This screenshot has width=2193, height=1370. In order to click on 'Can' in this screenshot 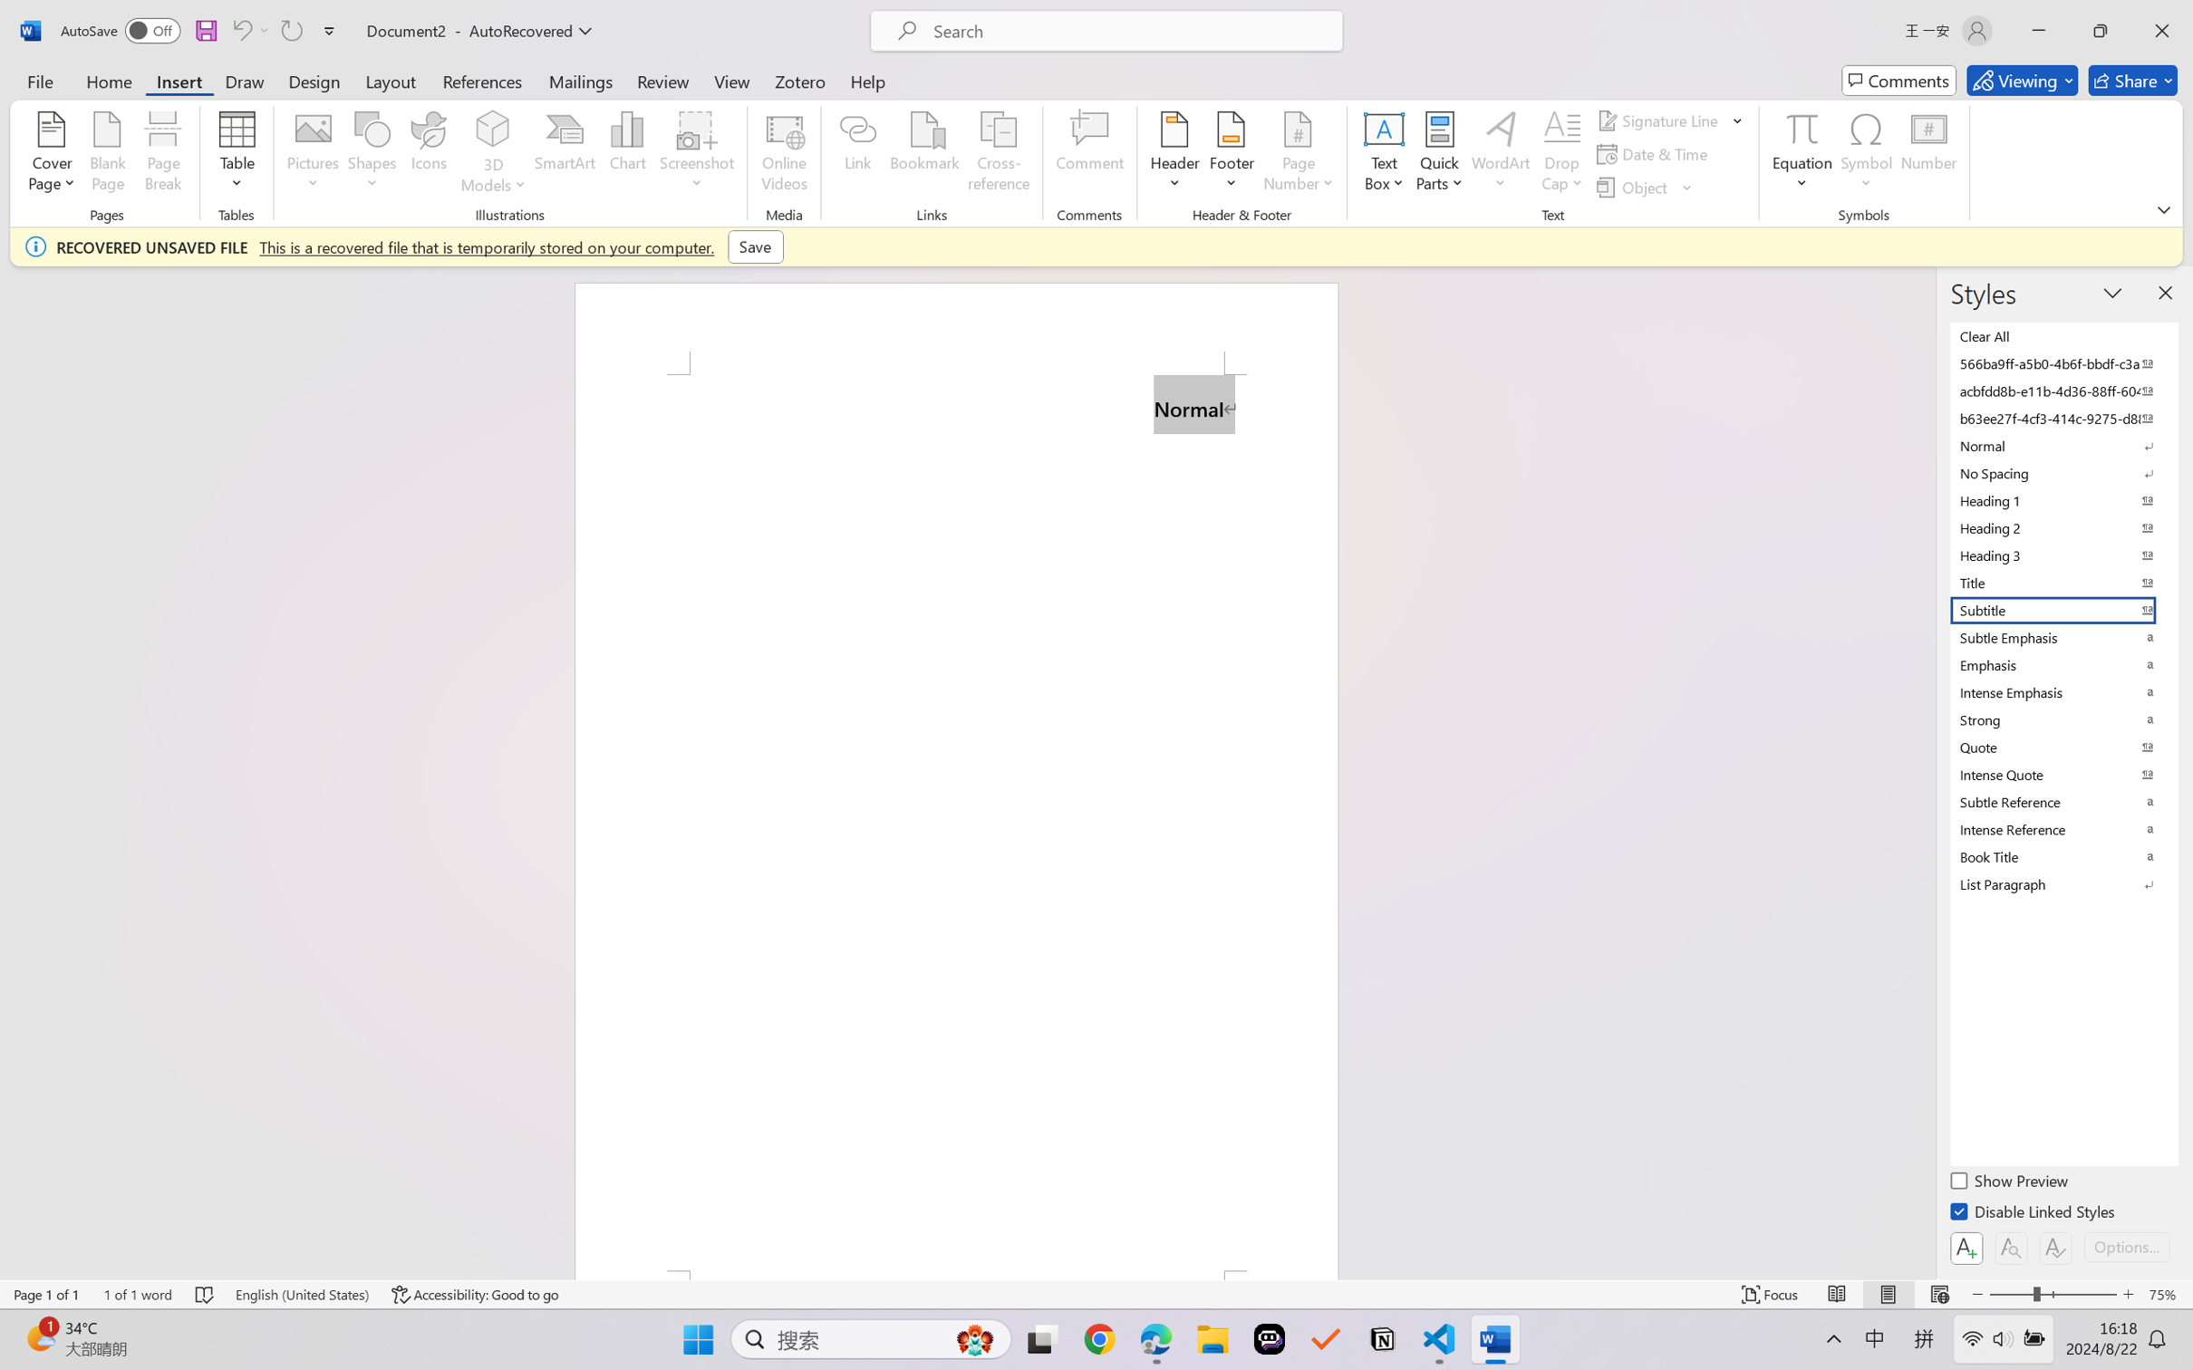, I will do `click(290, 30)`.